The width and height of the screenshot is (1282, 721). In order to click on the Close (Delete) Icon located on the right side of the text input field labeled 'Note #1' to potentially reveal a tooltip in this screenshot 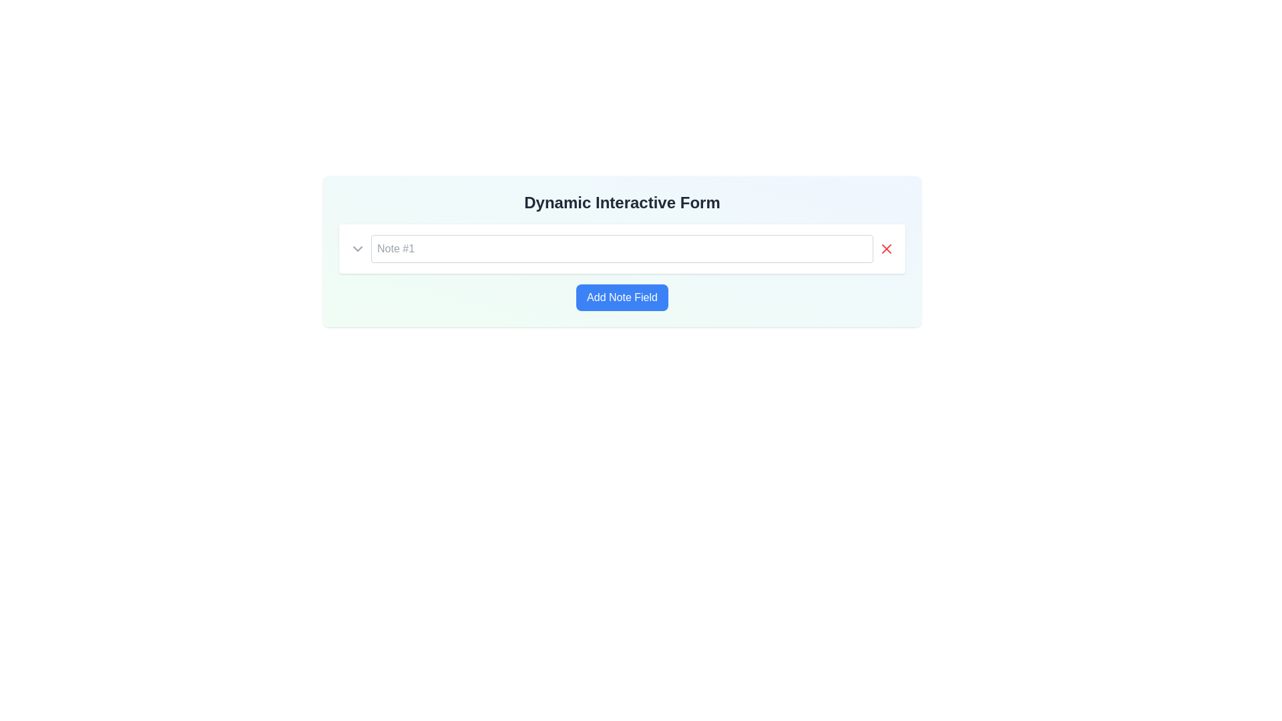, I will do `click(887, 249)`.